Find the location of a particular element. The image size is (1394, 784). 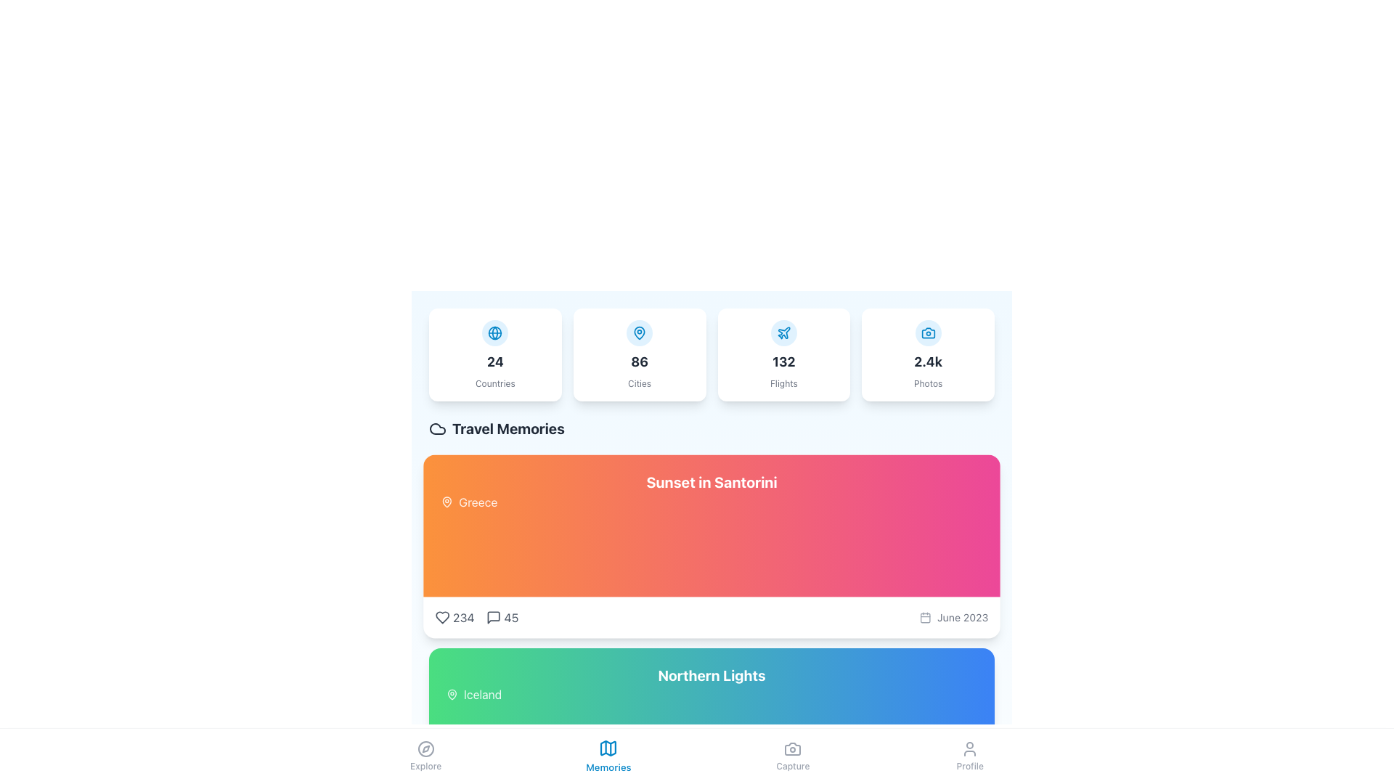

text from the label with the attached icon located in the bottom-right corner of the 'Sunset in Santorini' card, positioned after the heart and comment icons is located at coordinates (954, 617).